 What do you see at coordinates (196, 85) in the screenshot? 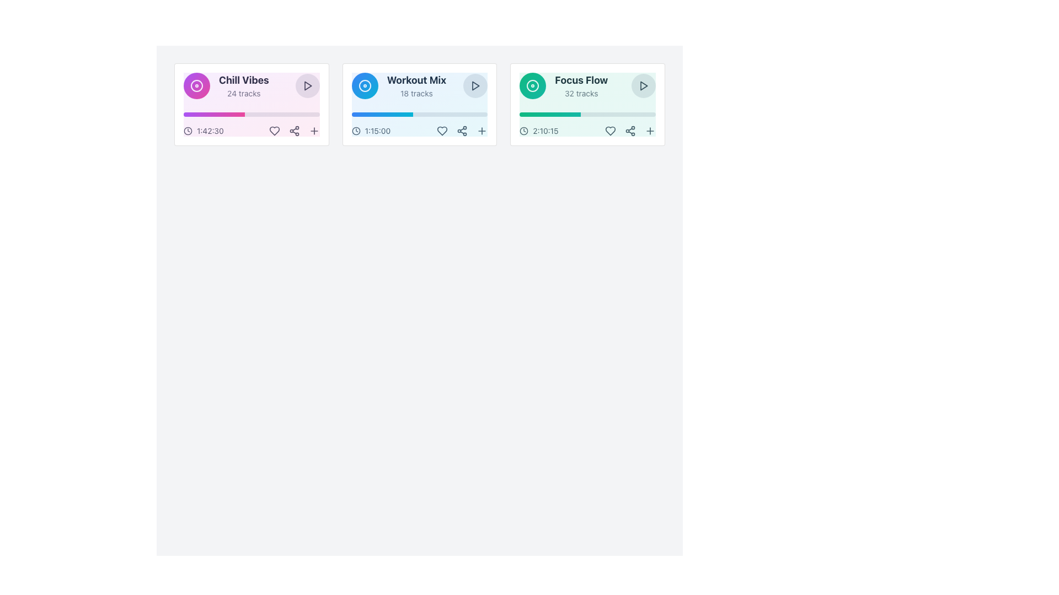
I see `the spinning animation of the loading icon located in the upper-left section of the card labeled 'Chill Vibes'` at bounding box center [196, 85].